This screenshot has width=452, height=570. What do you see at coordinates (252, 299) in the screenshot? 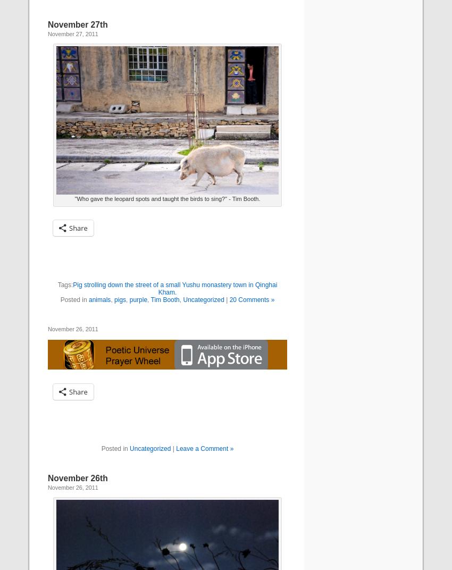
I see `'20 Comments »'` at bounding box center [252, 299].